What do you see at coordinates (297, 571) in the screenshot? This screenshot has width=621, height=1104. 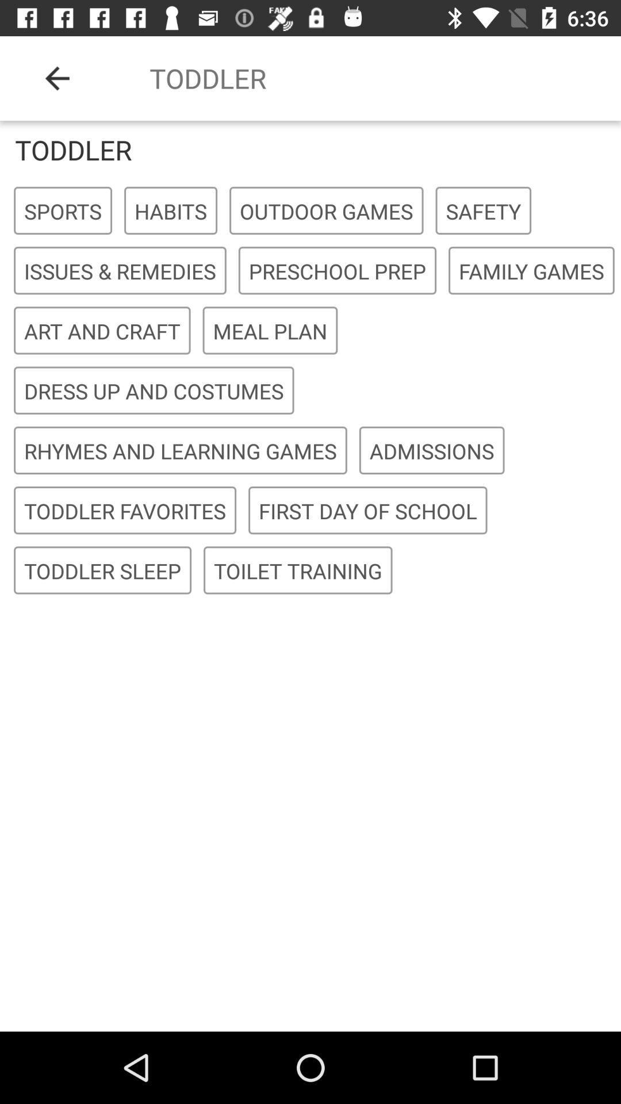 I see `the icon below the toddler favorites` at bounding box center [297, 571].